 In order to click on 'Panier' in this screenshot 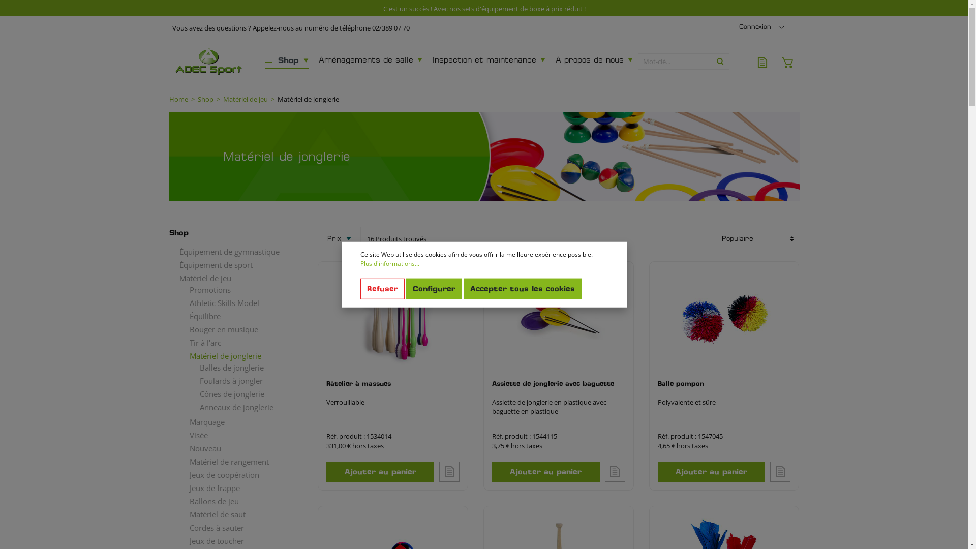, I will do `click(774, 61)`.